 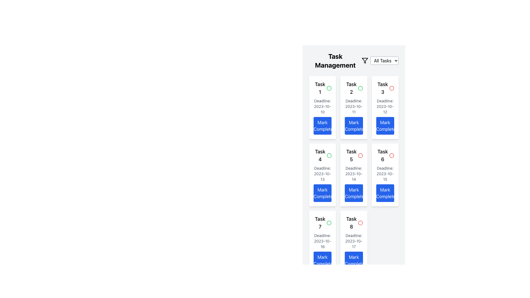 What do you see at coordinates (322, 242) in the screenshot?
I see `the Card component that displays task information including a 'Mark Completed' button, located in the bottom-left position of the grid layout` at bounding box center [322, 242].